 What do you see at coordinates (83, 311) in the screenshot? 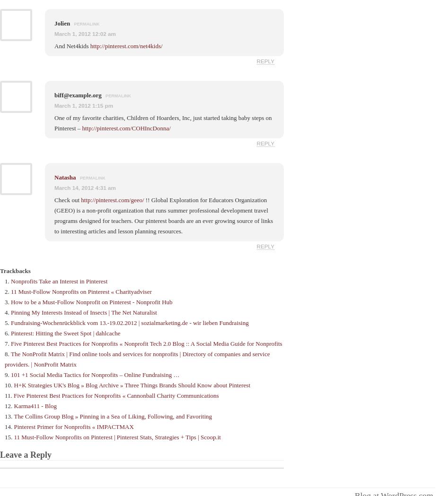
I see `'Pinning My Interests Instead of Insects | The Net Naturalist'` at bounding box center [83, 311].